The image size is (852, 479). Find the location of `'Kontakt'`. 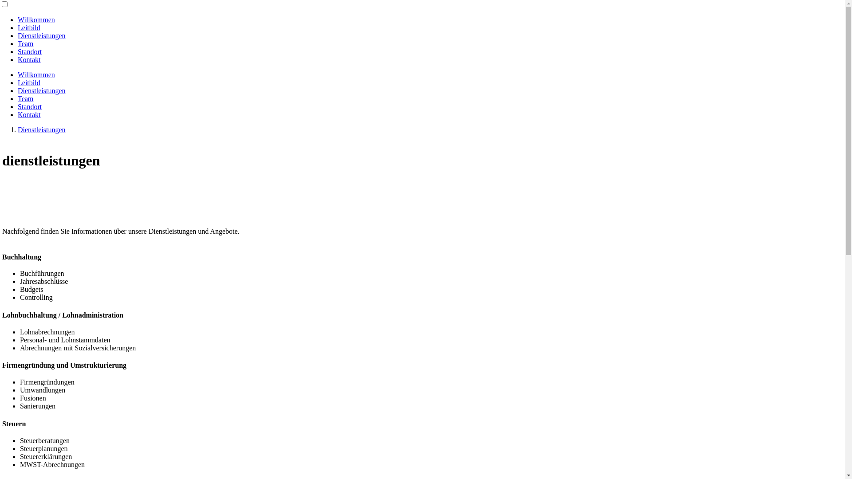

'Kontakt' is located at coordinates (29, 114).